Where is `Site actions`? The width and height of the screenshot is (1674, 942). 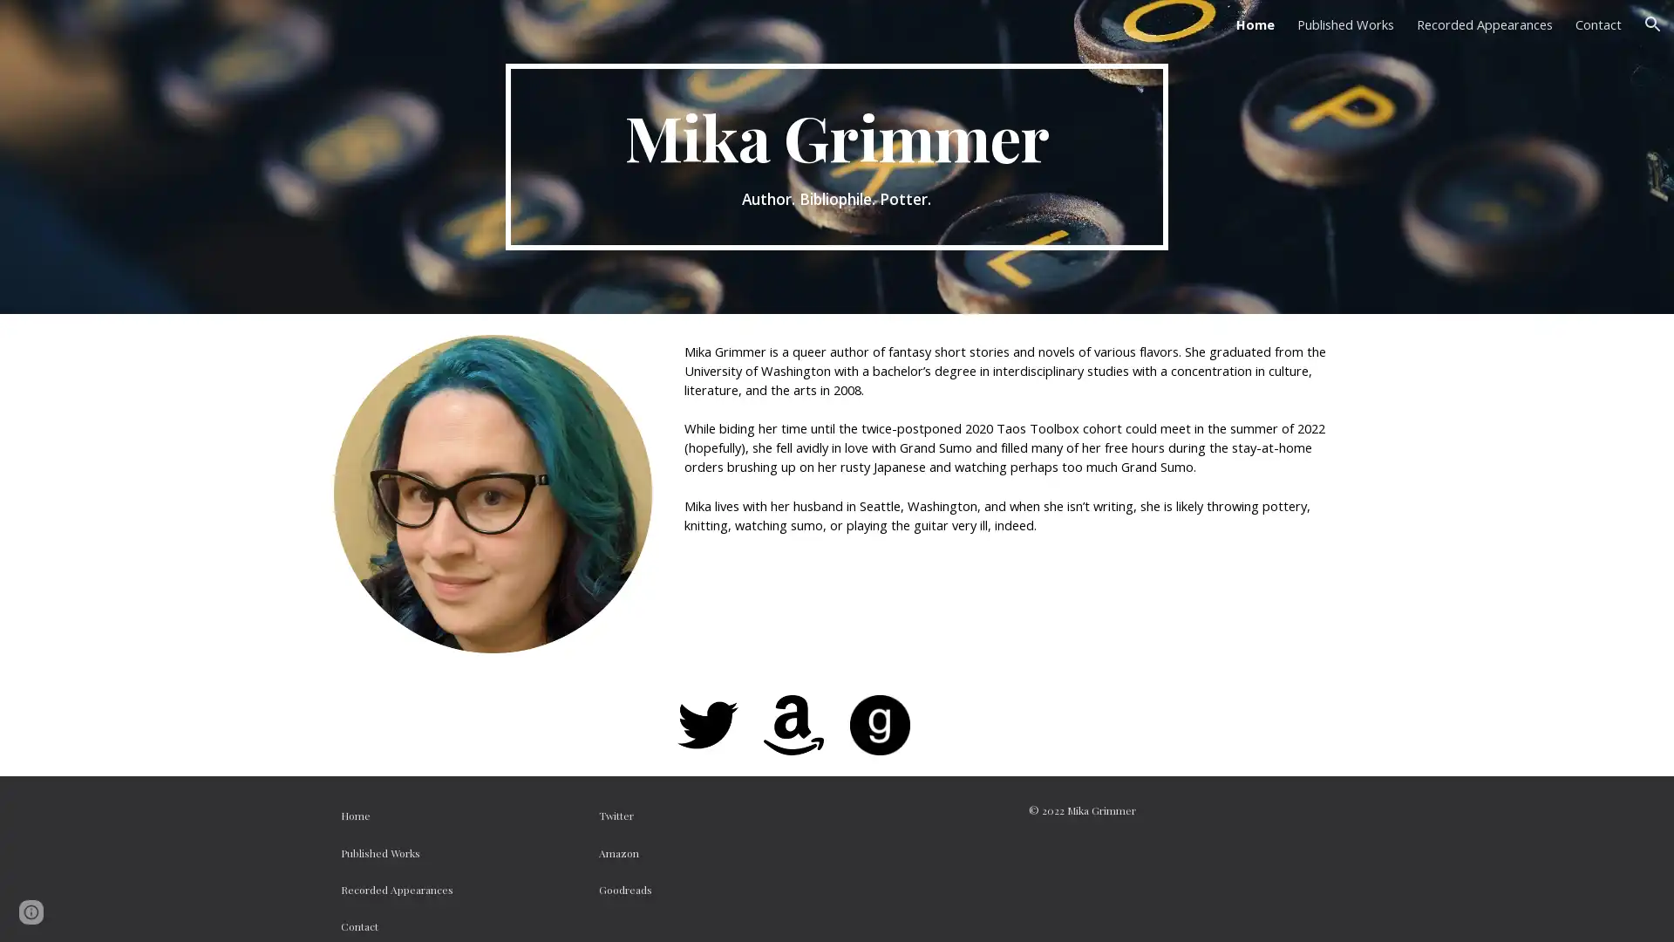 Site actions is located at coordinates (31, 911).